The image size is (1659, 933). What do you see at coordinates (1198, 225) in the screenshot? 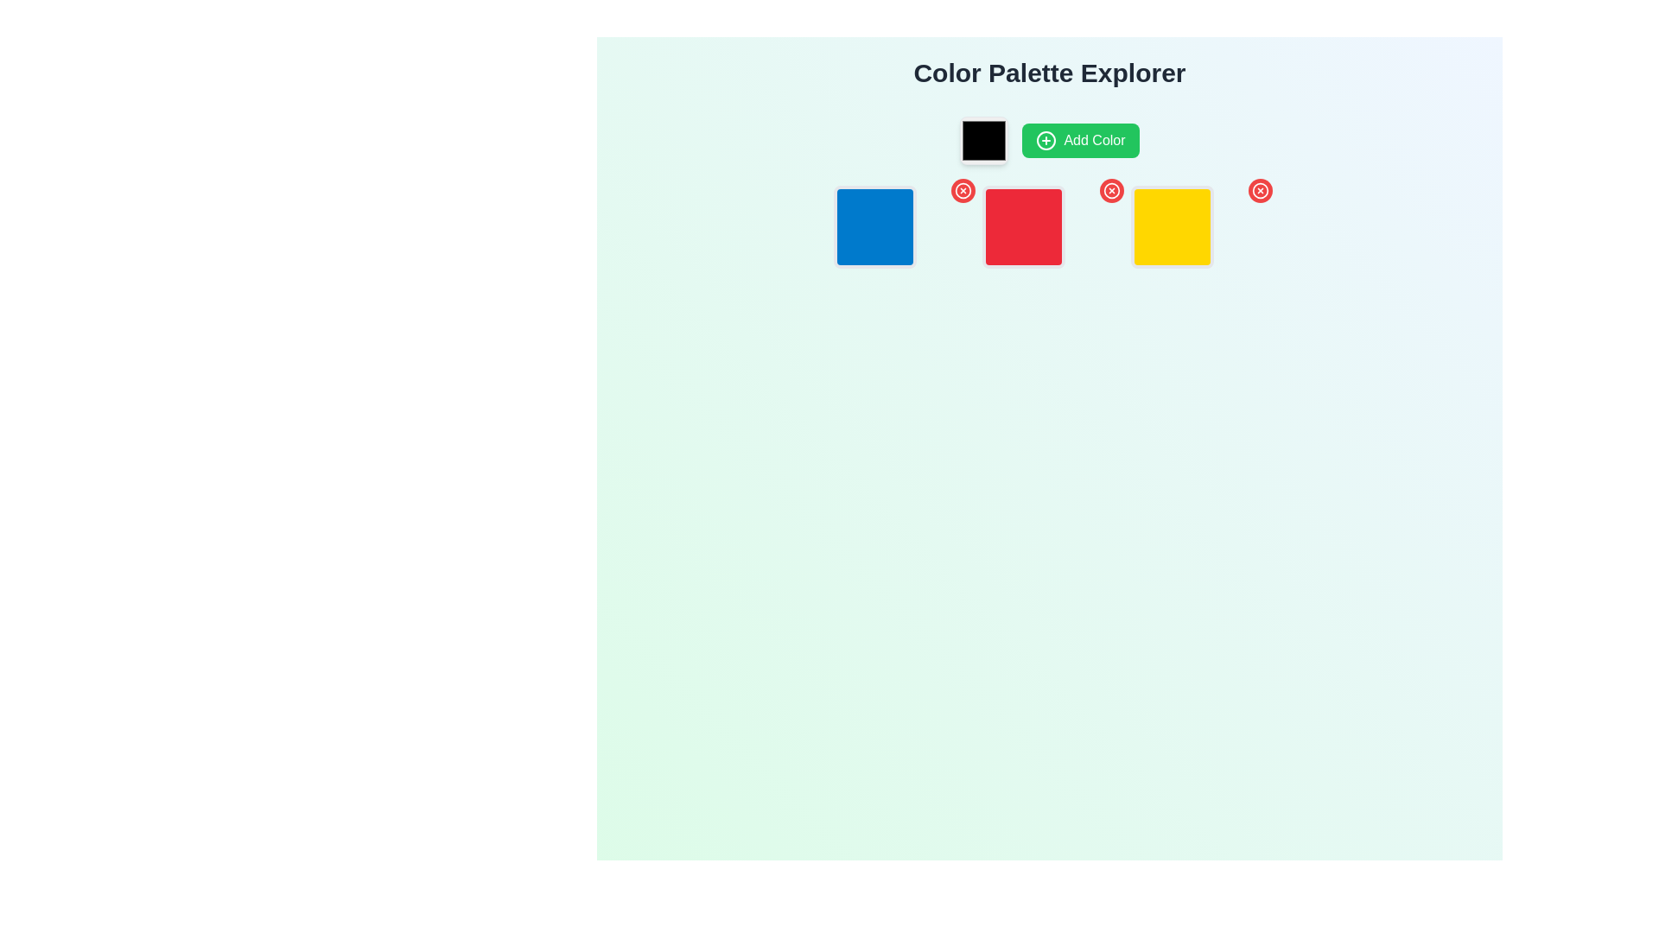
I see `the yellow square with a rounded border and bold outline located in the third column of a grid layout` at bounding box center [1198, 225].